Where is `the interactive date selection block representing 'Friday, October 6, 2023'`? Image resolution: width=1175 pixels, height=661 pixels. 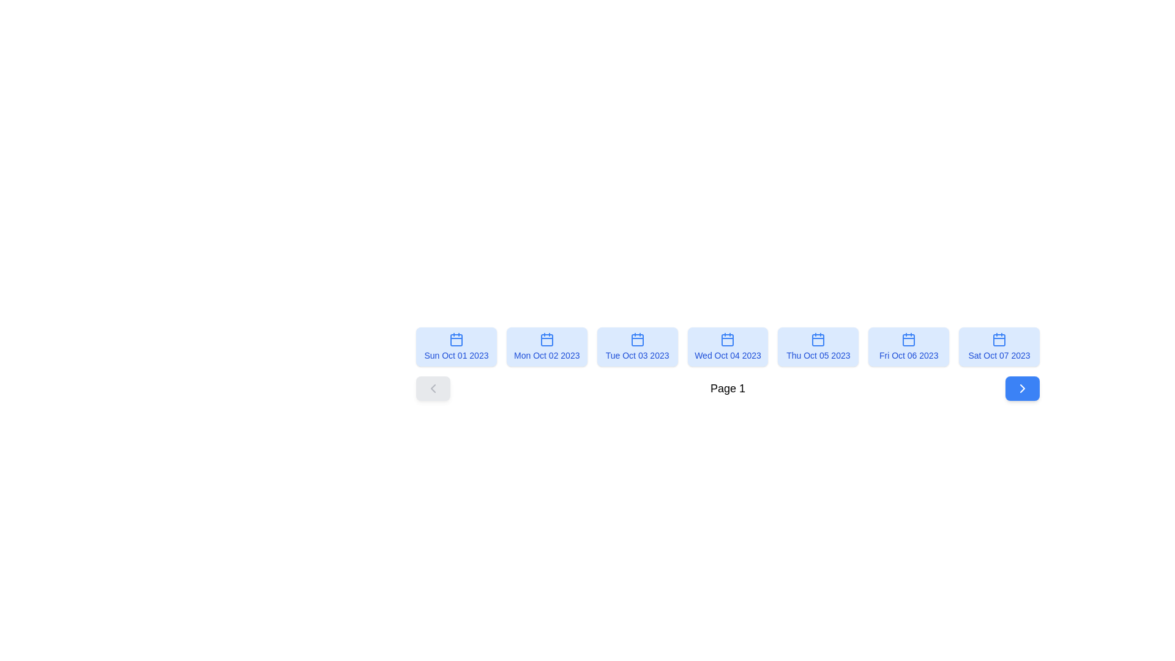 the interactive date selection block representing 'Friday, October 6, 2023' is located at coordinates (909, 347).